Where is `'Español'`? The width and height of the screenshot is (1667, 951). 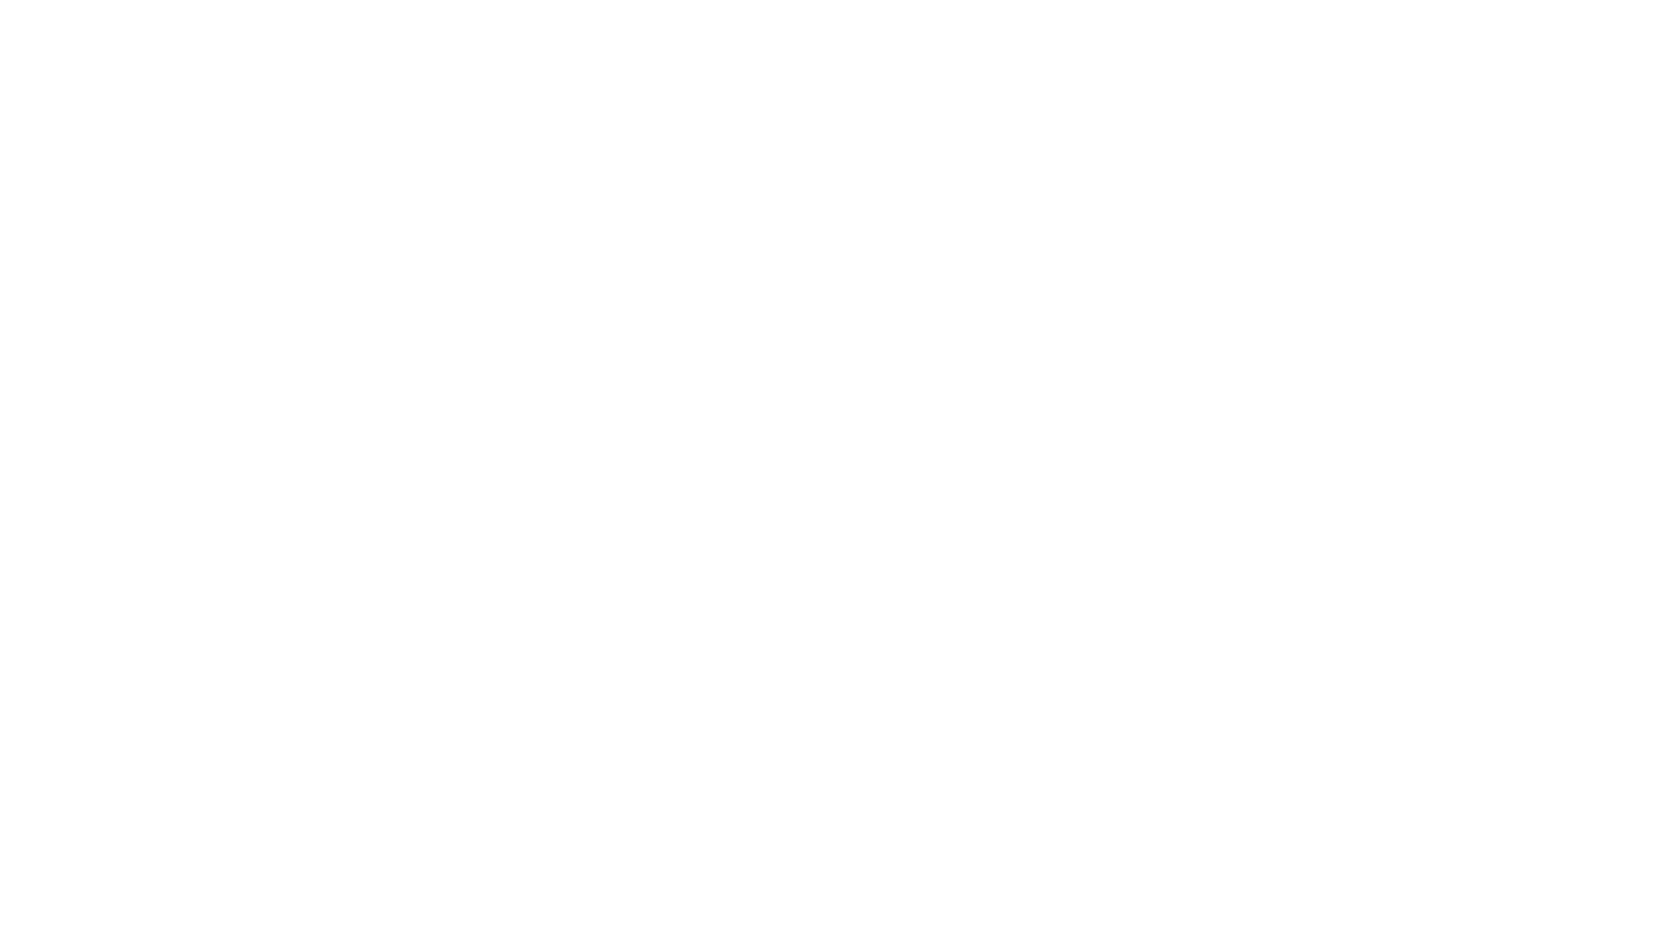 'Español' is located at coordinates (888, 563).